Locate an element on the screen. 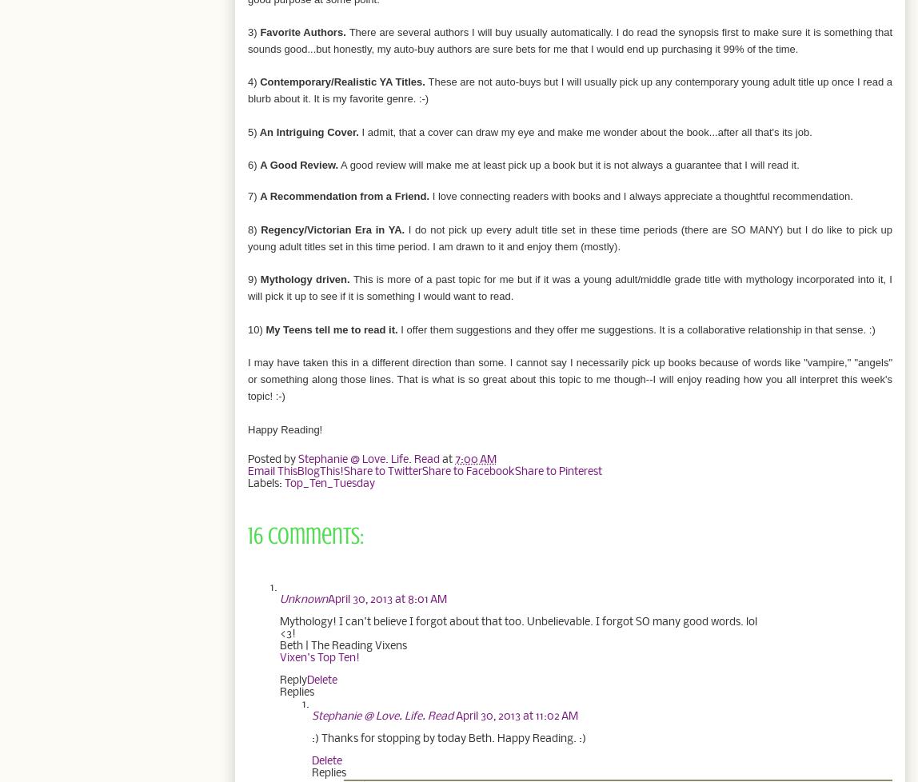 The width and height of the screenshot is (918, 782). '3)' is located at coordinates (253, 32).